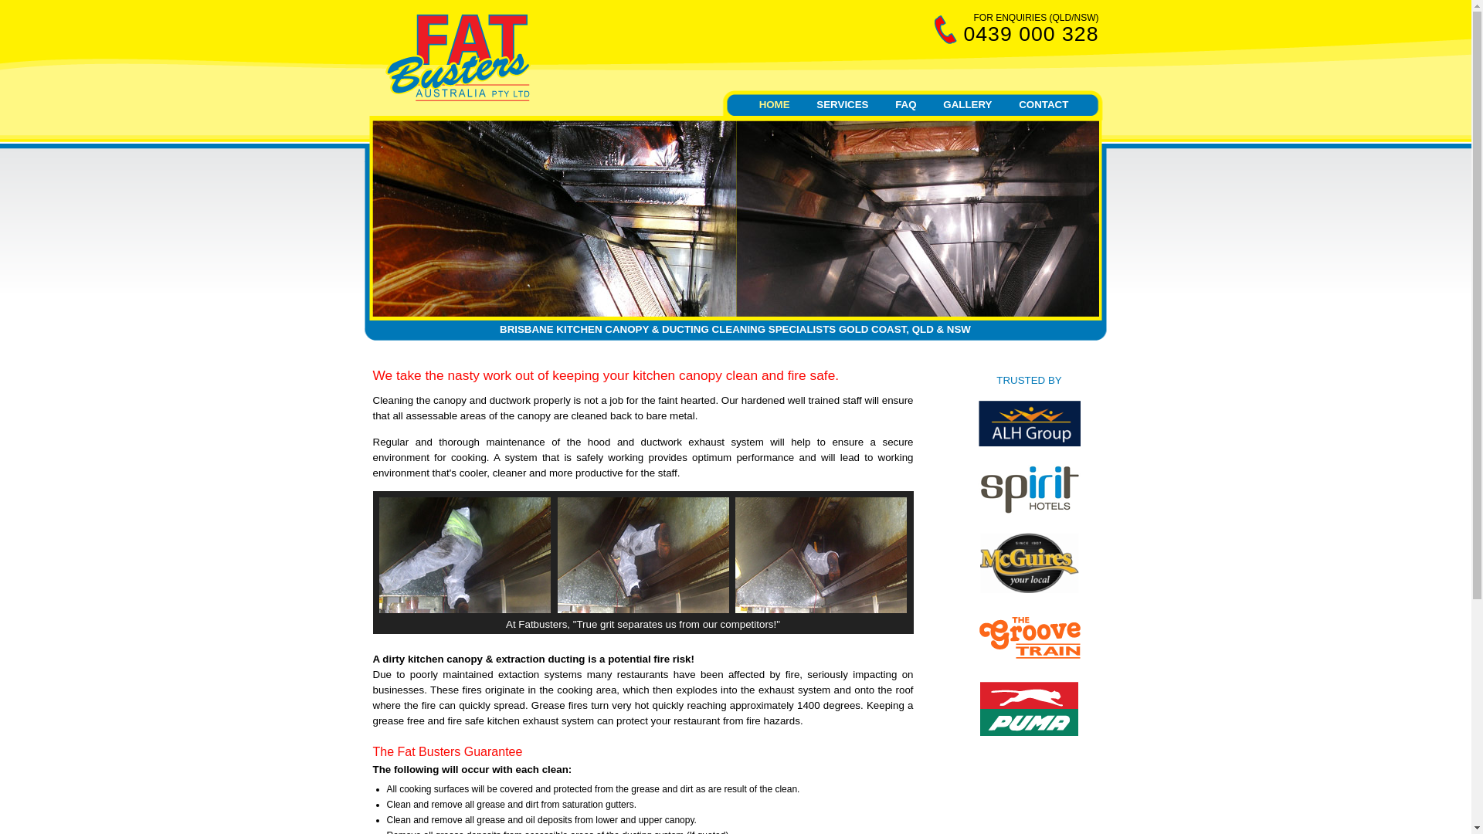  Describe the element at coordinates (805, 104) in the screenshot. I see `'SERVICES'` at that location.